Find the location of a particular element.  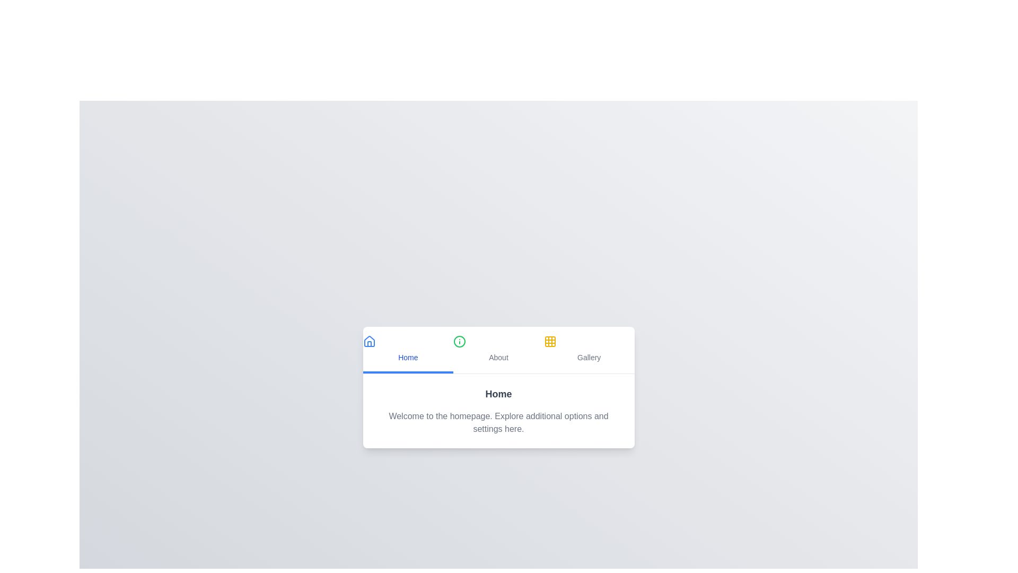

the tab icon corresponding to Gallery is located at coordinates (550, 341).